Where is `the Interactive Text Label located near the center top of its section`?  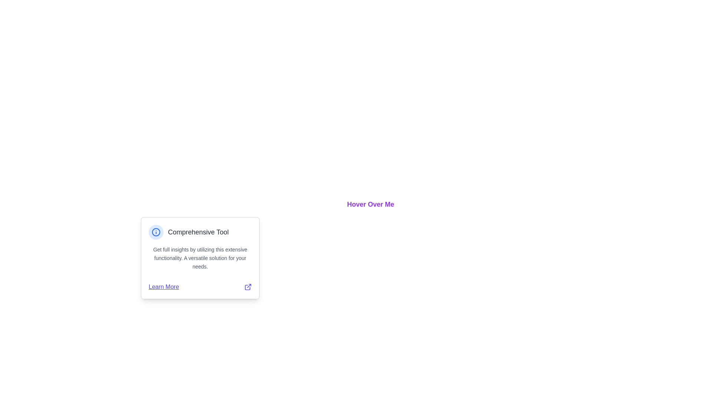
the Interactive Text Label located near the center top of its section is located at coordinates (370, 204).